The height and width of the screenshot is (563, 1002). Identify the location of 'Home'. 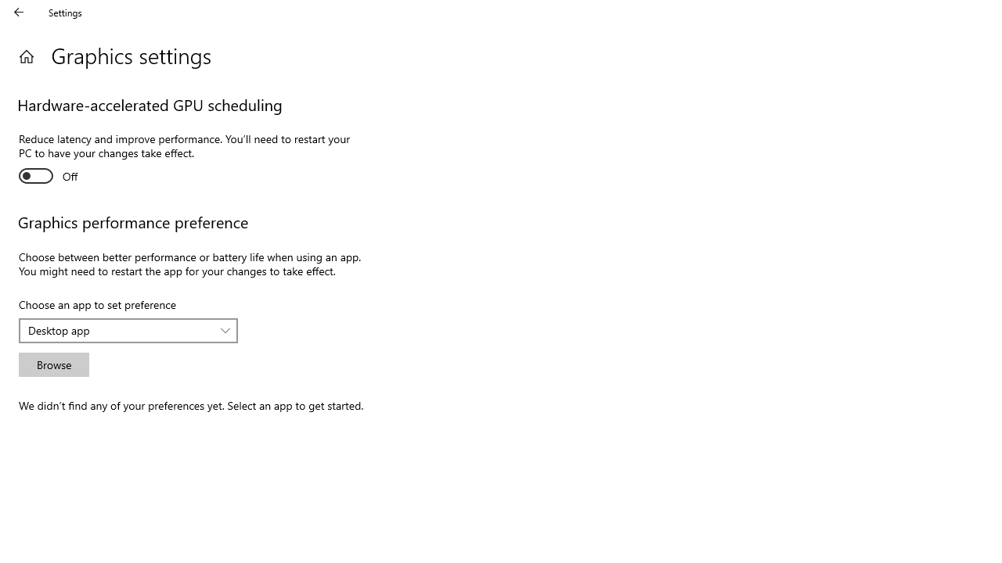
(26, 56).